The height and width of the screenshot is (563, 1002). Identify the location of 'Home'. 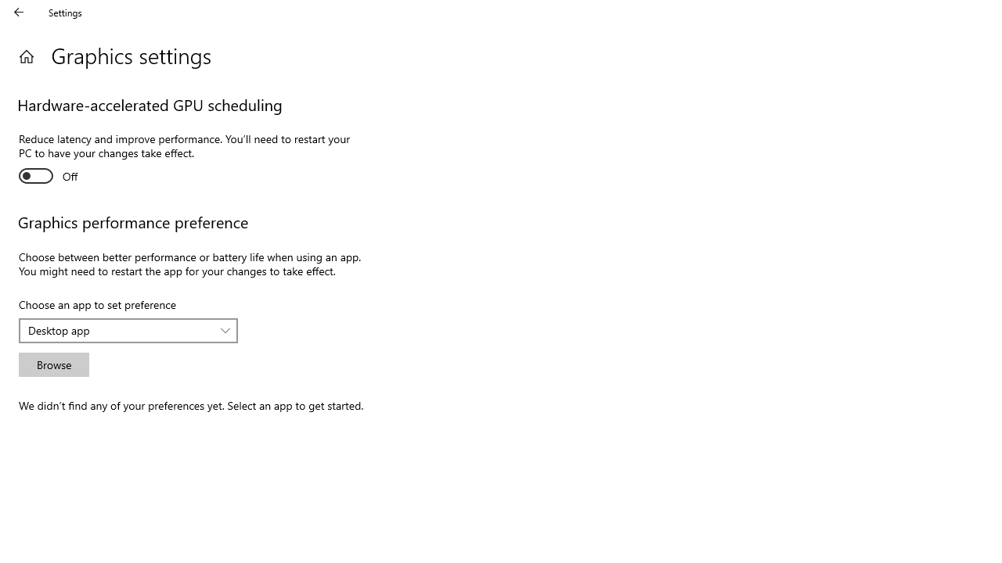
(26, 56).